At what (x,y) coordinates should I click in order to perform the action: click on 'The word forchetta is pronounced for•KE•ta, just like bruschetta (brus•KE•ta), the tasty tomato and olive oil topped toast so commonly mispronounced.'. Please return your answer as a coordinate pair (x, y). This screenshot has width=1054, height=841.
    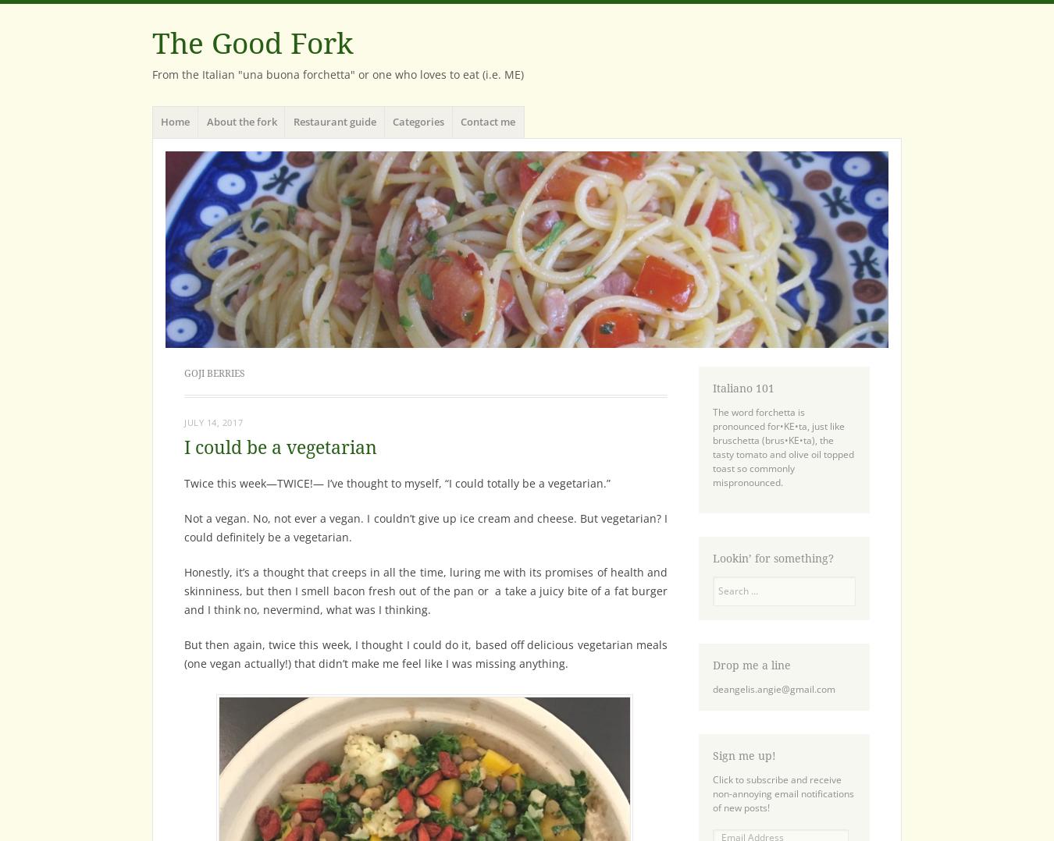
    Looking at the image, I should click on (782, 446).